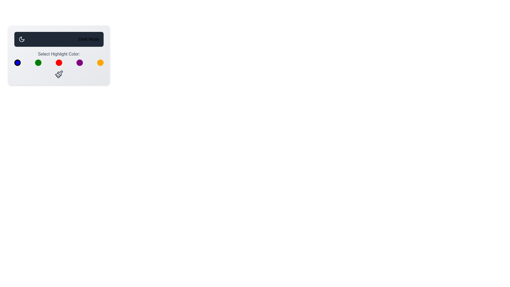 The height and width of the screenshot is (287, 510). What do you see at coordinates (21, 39) in the screenshot?
I see `the crescent moon icon located in the dark toolbar` at bounding box center [21, 39].